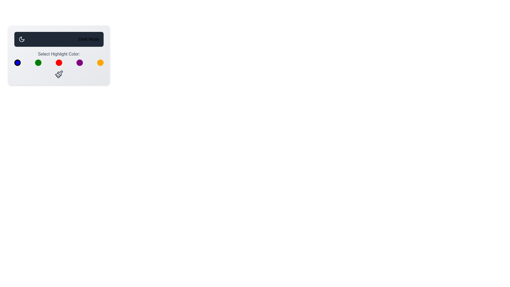 The height and width of the screenshot is (287, 510). What do you see at coordinates (21, 39) in the screenshot?
I see `the crescent moon icon located in the dark toolbar` at bounding box center [21, 39].